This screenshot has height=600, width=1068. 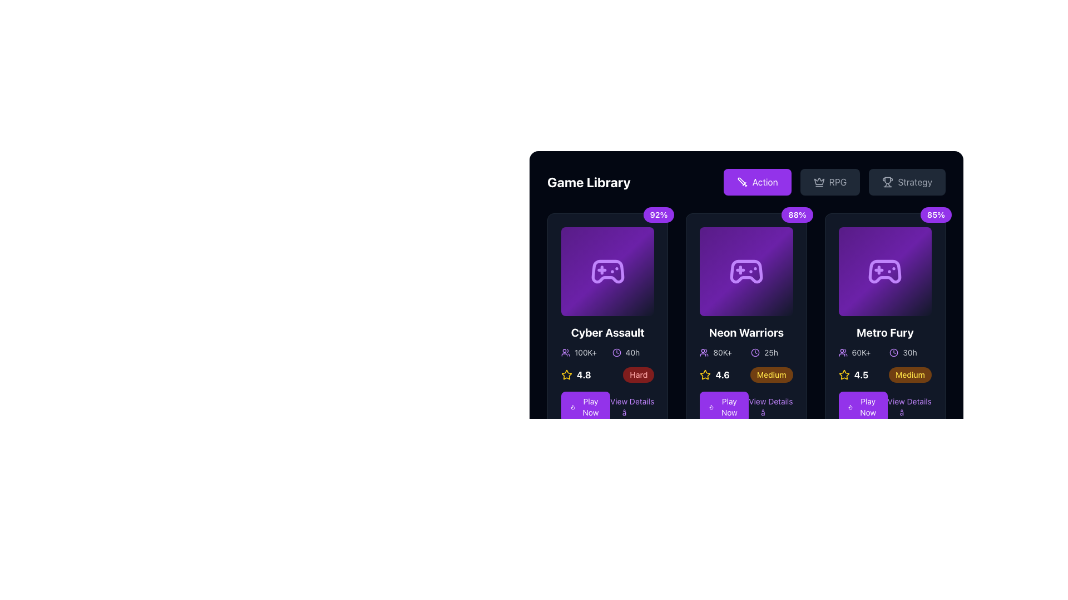 I want to click on text '25h' visually, which is displayed in light gray font next to a purple clock icon within the 'Neon Warriors' card, so click(x=771, y=353).